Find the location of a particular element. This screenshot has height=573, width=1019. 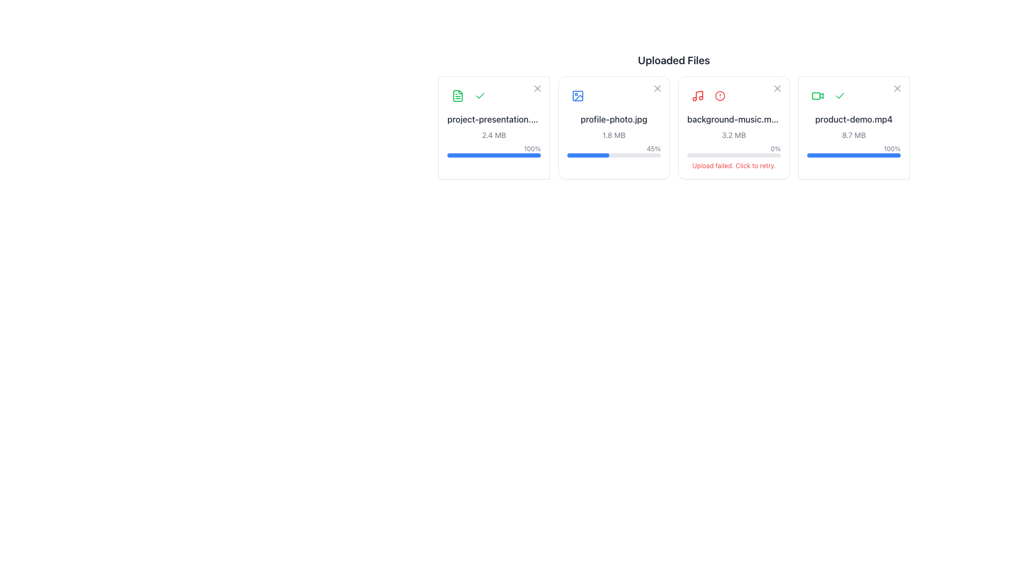

the percentage displayed on the progress bar labeled '0%' located under the 'background-music.mp3' file entry is located at coordinates (733, 151).